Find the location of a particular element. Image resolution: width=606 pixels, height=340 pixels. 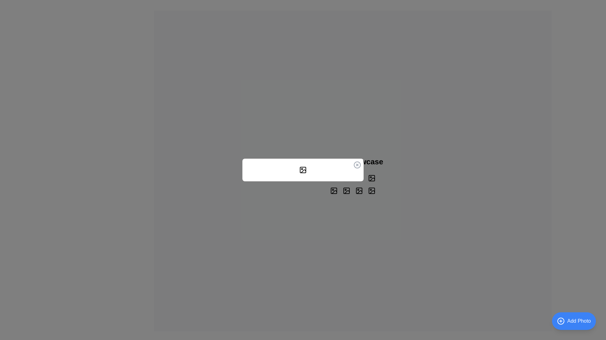

the decorative overlay icon located in the bottom-right square of the series of small image icons to the right of the main interface is located at coordinates (347, 192).